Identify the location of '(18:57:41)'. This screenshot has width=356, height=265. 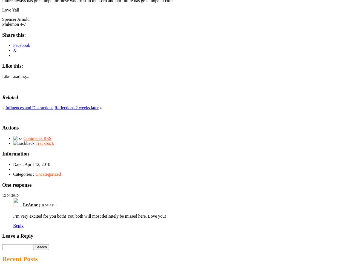
(47, 205).